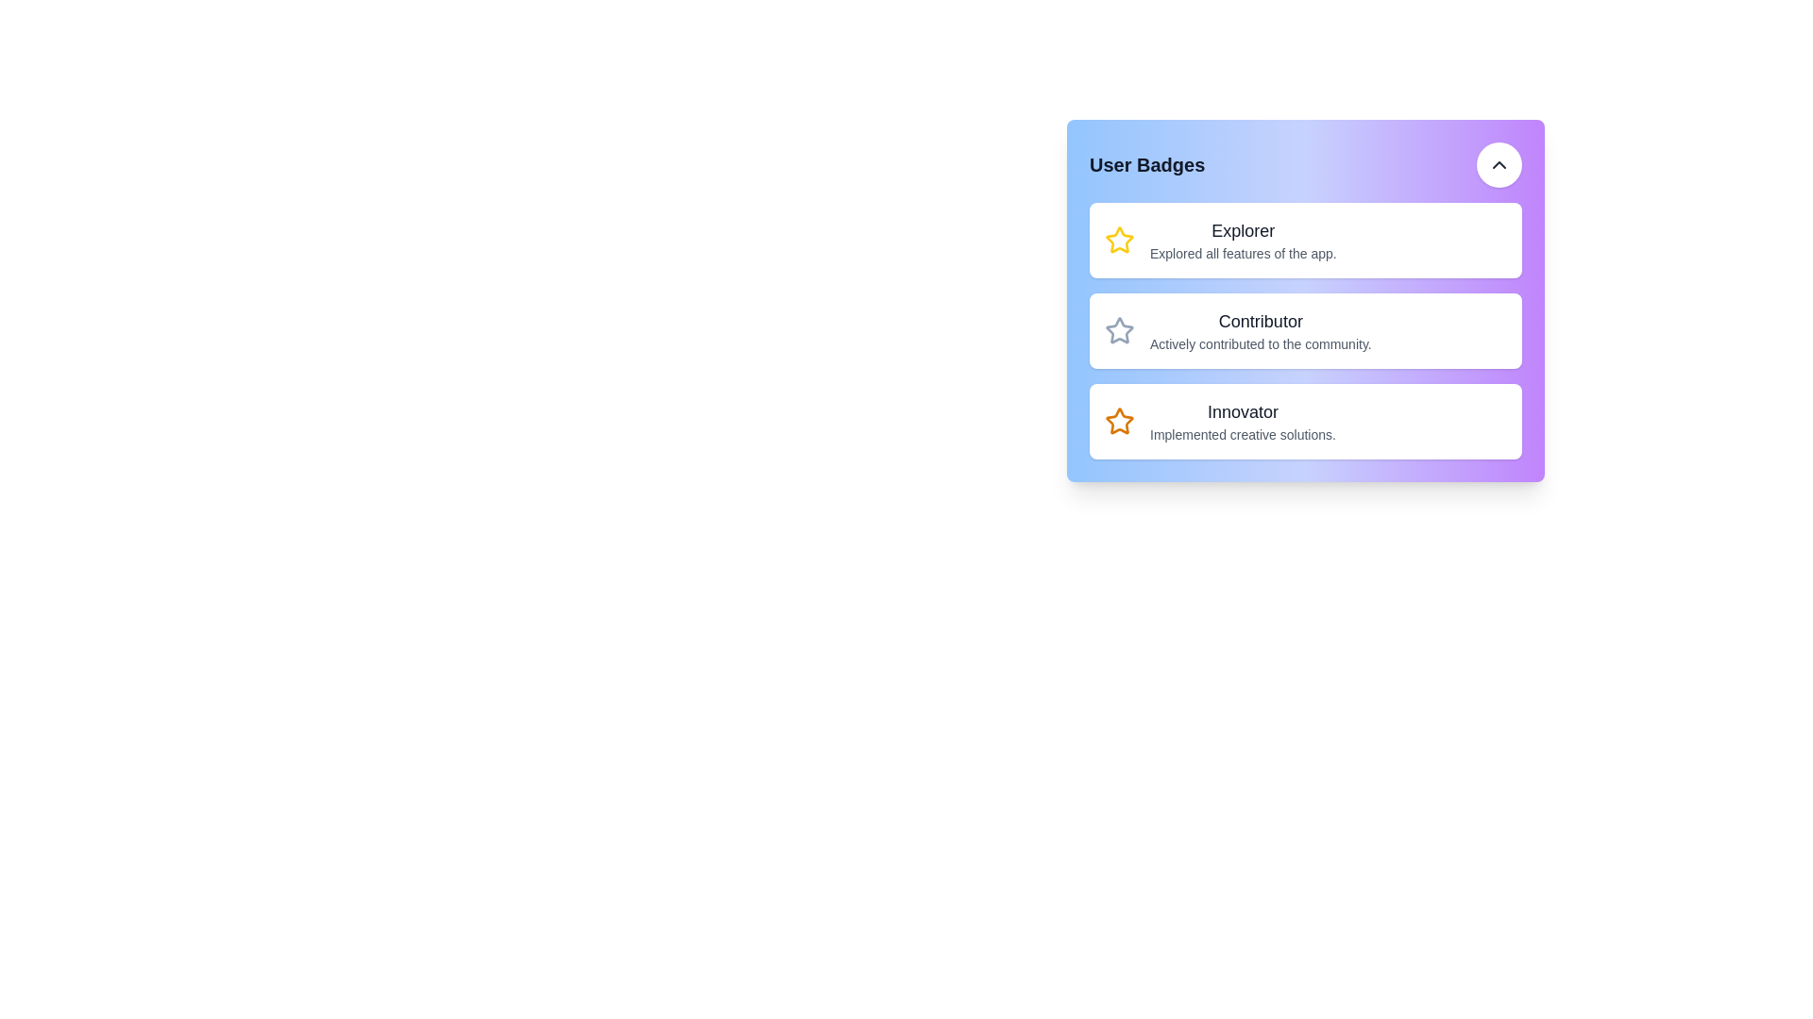 The image size is (1813, 1019). What do you see at coordinates (1243, 410) in the screenshot?
I see `the text label displaying 'Innovator', which is prominently styled in dark gray and located within the third badge entry under the 'User Badges' section` at bounding box center [1243, 410].